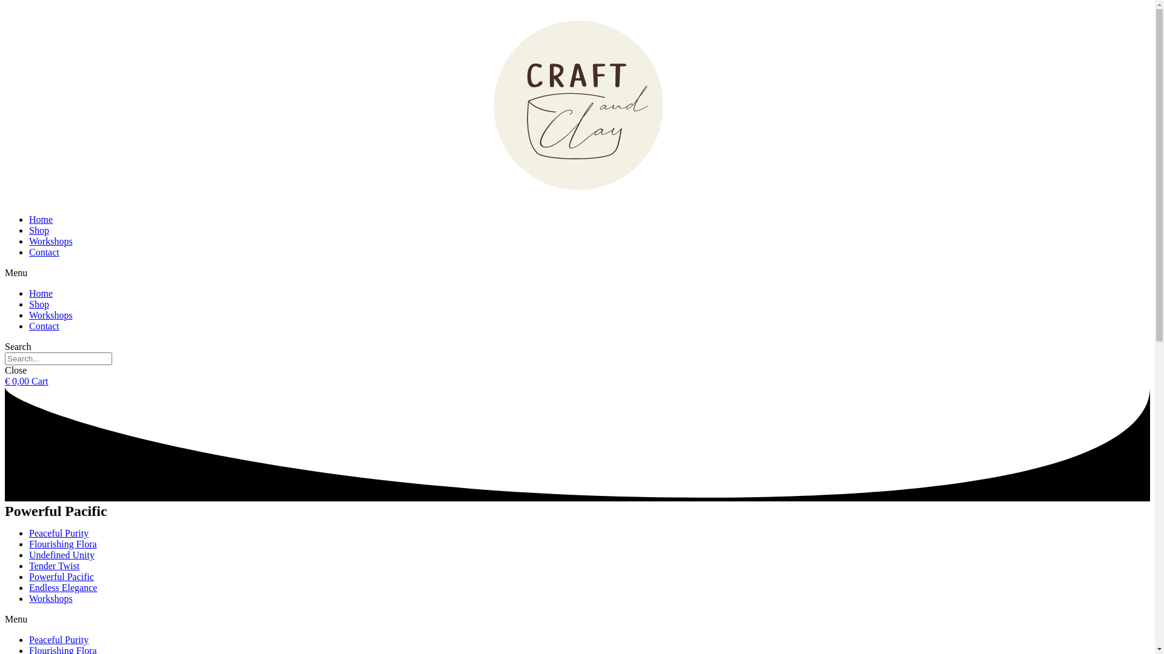 The image size is (1164, 654). I want to click on 'Search', so click(58, 358).